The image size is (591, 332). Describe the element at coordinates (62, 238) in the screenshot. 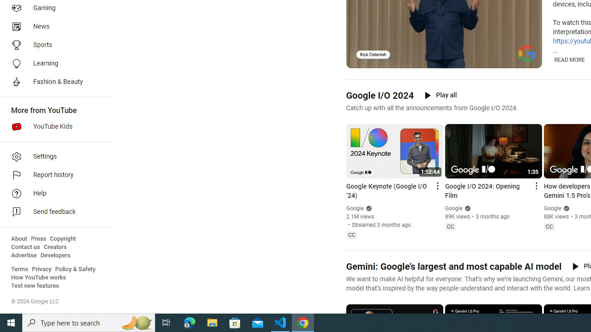

I see `'Copyright'` at that location.